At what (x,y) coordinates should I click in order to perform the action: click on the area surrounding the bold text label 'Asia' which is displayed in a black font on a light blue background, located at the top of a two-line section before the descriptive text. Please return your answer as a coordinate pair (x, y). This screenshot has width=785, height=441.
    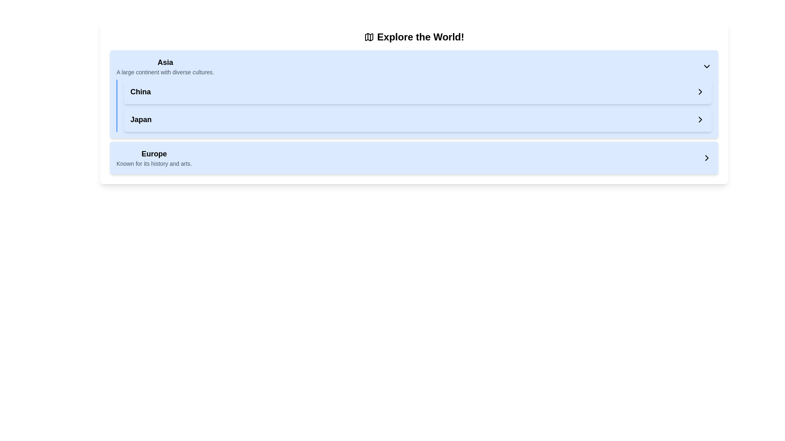
    Looking at the image, I should click on (165, 62).